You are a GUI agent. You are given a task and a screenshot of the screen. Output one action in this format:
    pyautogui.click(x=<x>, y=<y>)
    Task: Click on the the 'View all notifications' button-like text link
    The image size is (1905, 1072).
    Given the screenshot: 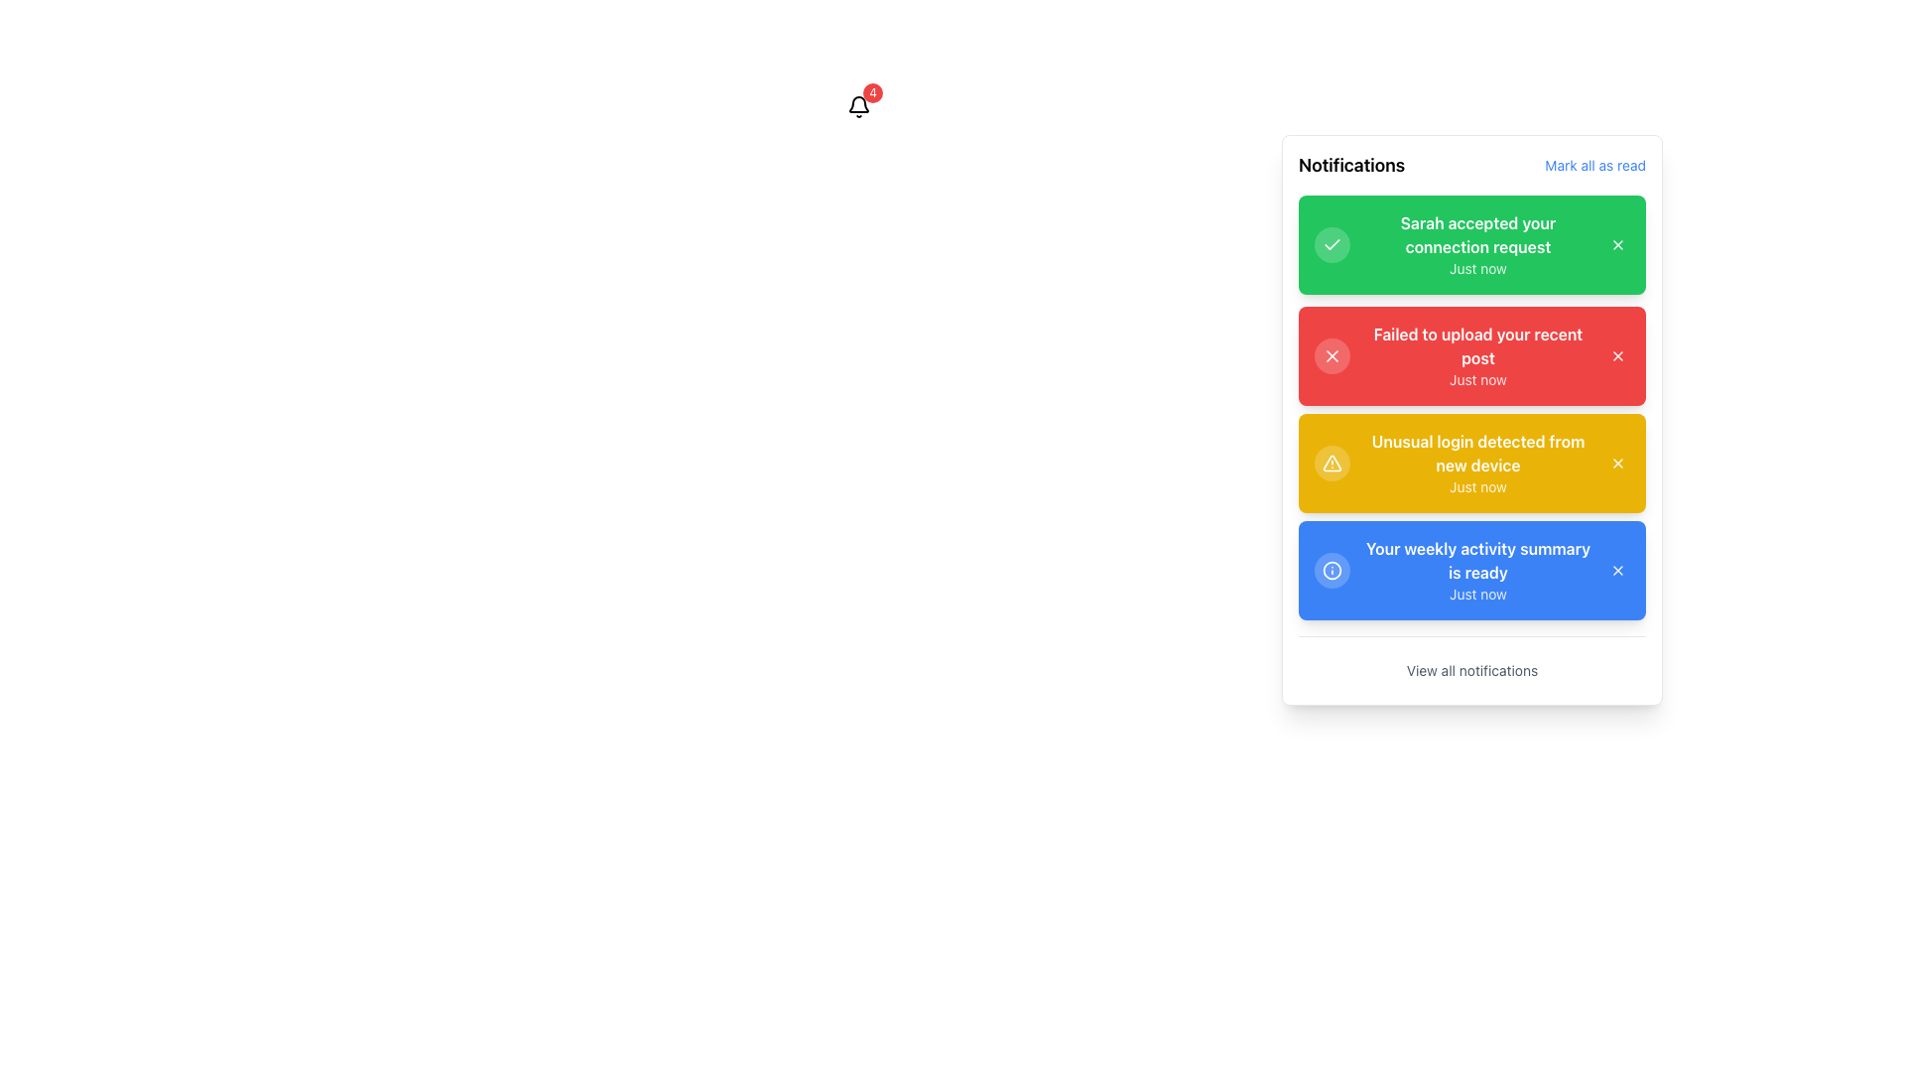 What is the action you would take?
    pyautogui.click(x=1471, y=662)
    